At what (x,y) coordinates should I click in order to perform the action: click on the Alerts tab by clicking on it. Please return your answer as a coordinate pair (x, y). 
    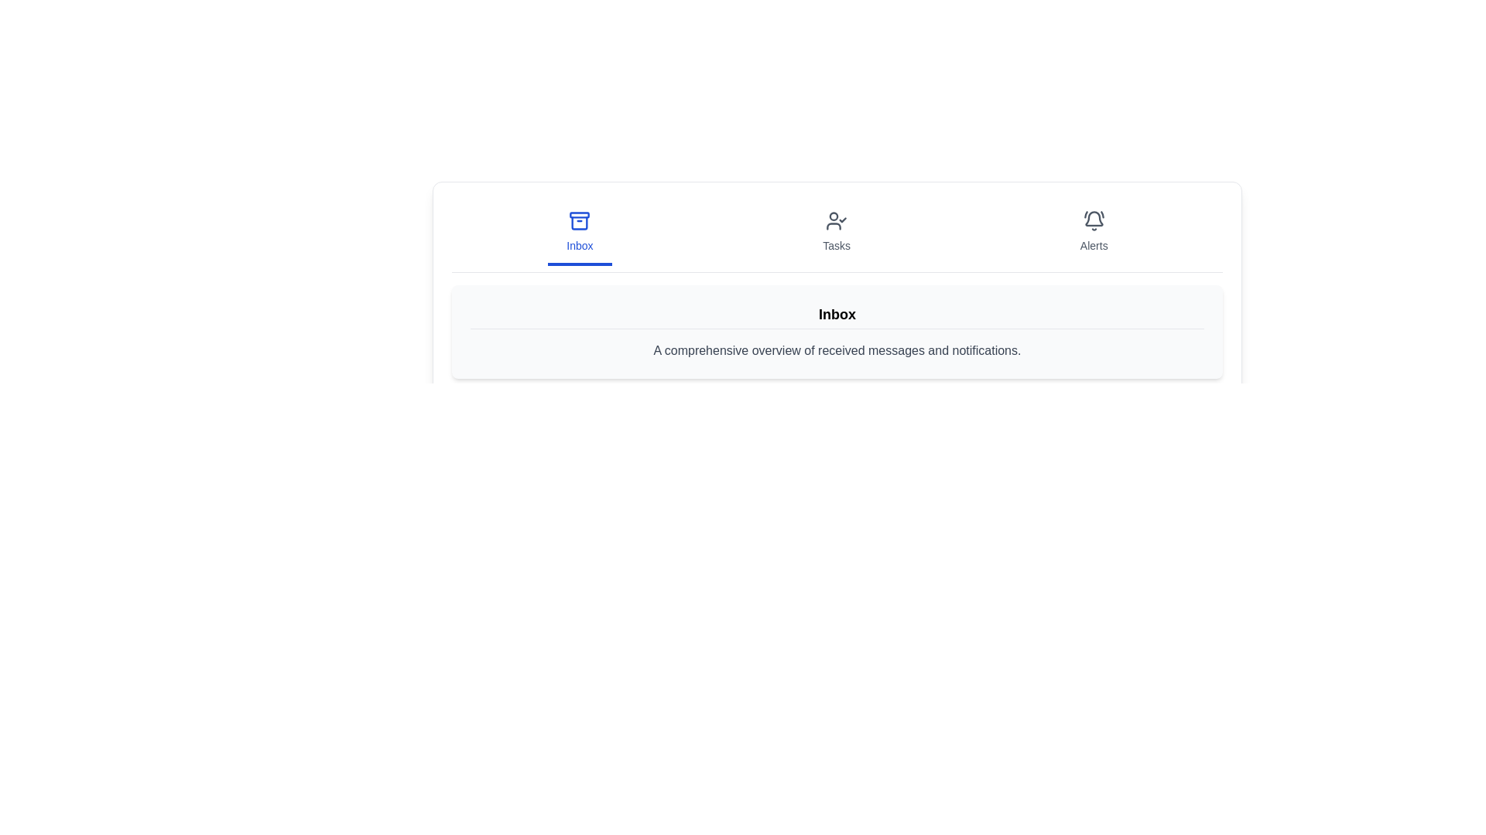
    Looking at the image, I should click on (1092, 233).